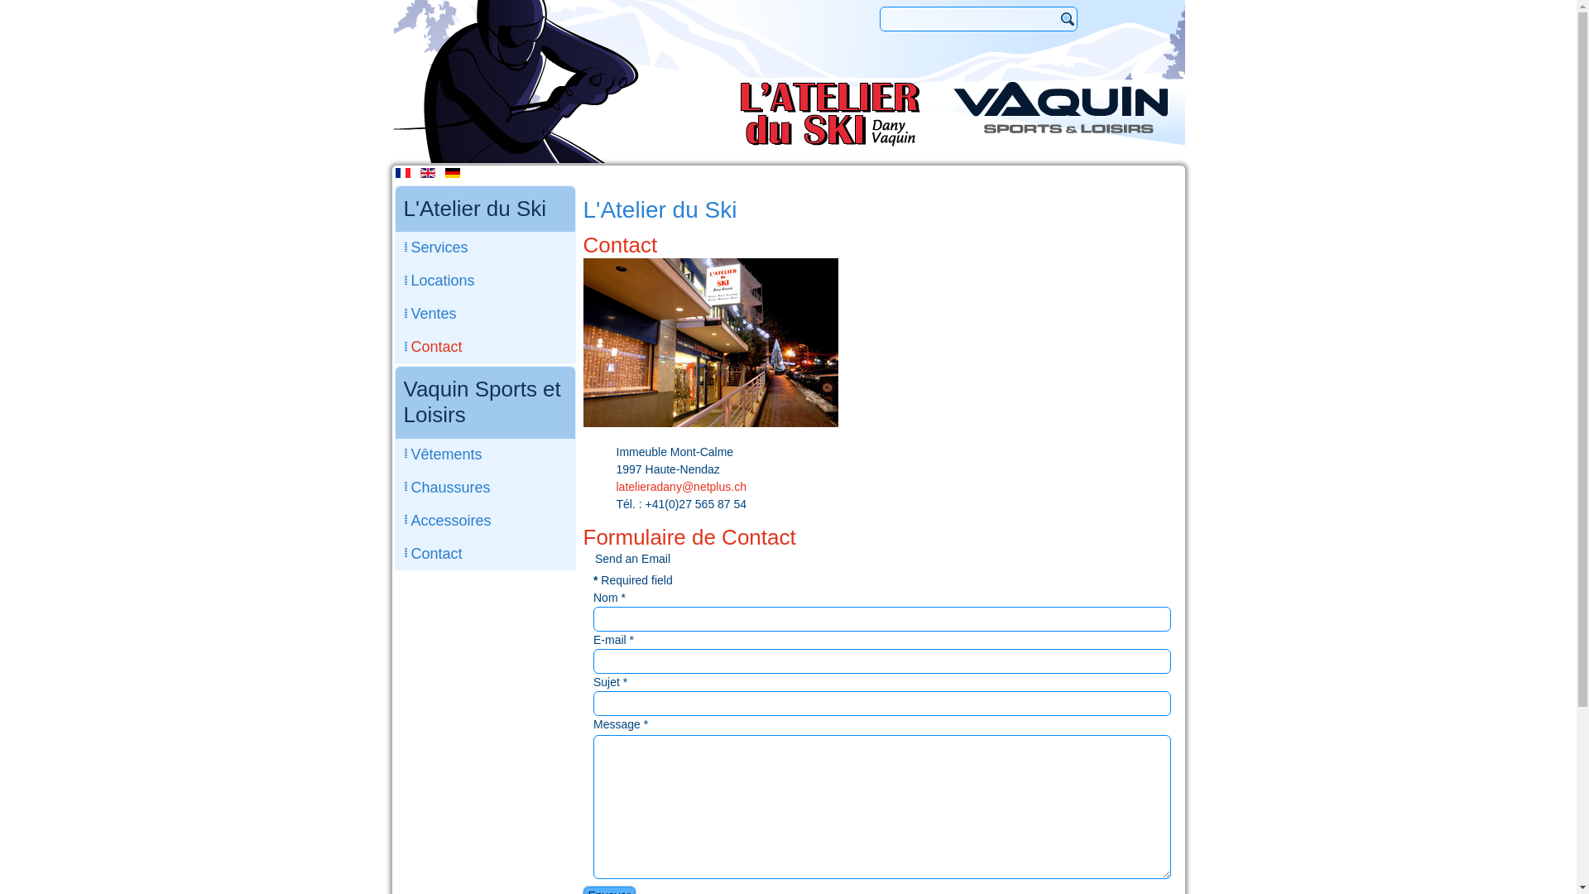 This screenshot has width=1589, height=894. Describe the element at coordinates (1060, 108) in the screenshot. I see `'Vaquin Sports et Loisirs'` at that location.